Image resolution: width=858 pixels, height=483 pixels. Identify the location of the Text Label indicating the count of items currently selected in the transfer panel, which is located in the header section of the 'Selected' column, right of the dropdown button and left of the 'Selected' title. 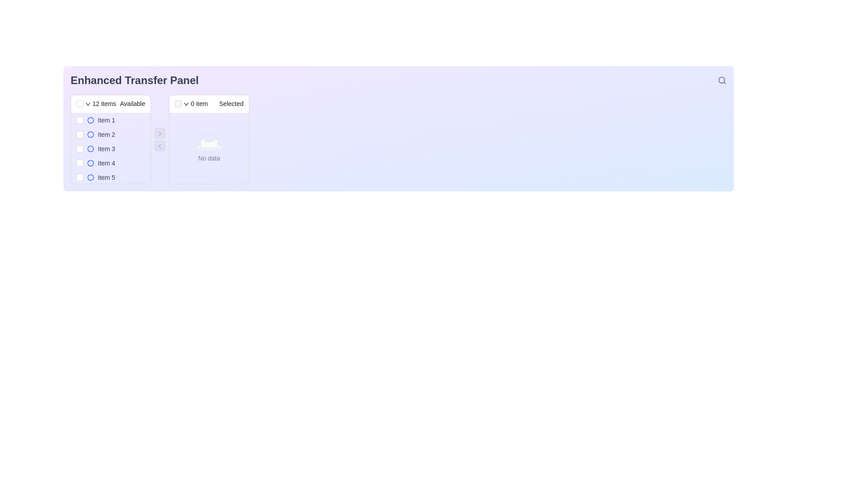
(199, 103).